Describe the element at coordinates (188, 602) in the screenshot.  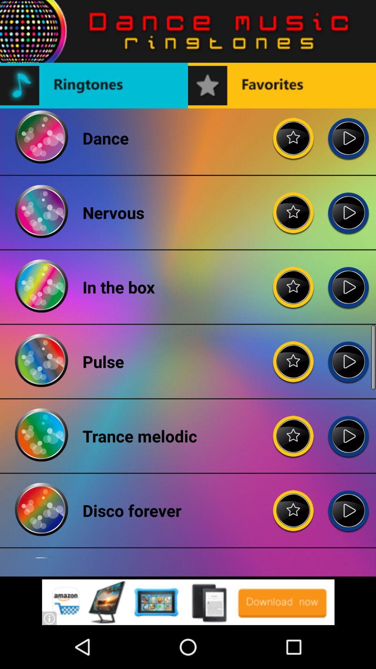
I see `advertisement to download amazon app` at that location.